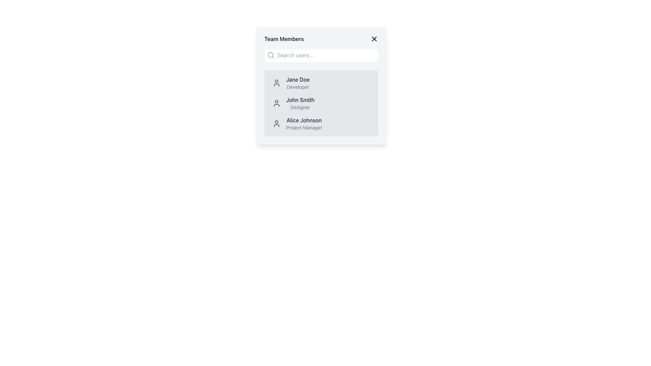 This screenshot has width=651, height=366. What do you see at coordinates (277, 103) in the screenshot?
I see `the avatar icon representing user 'John Smith'` at bounding box center [277, 103].